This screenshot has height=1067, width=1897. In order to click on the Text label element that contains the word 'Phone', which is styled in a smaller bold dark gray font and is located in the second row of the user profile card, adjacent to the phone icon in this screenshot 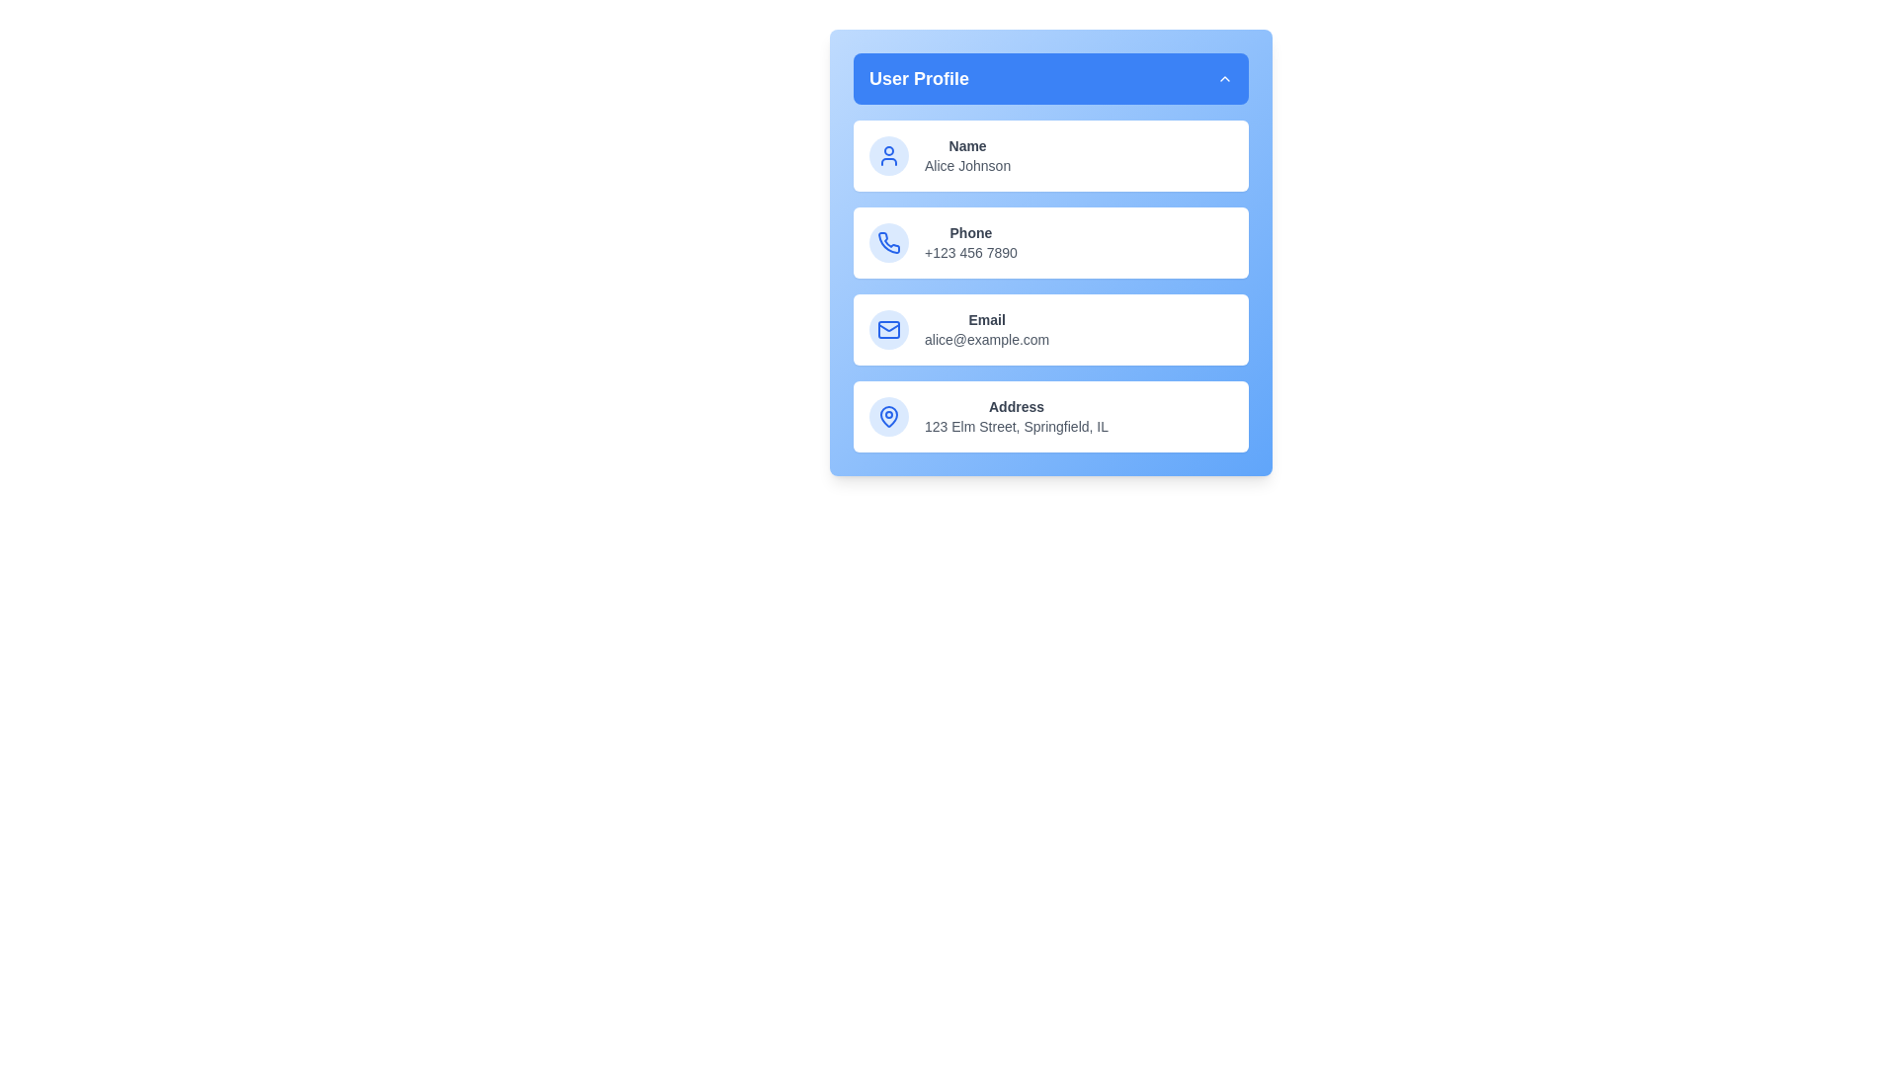, I will do `click(970, 231)`.